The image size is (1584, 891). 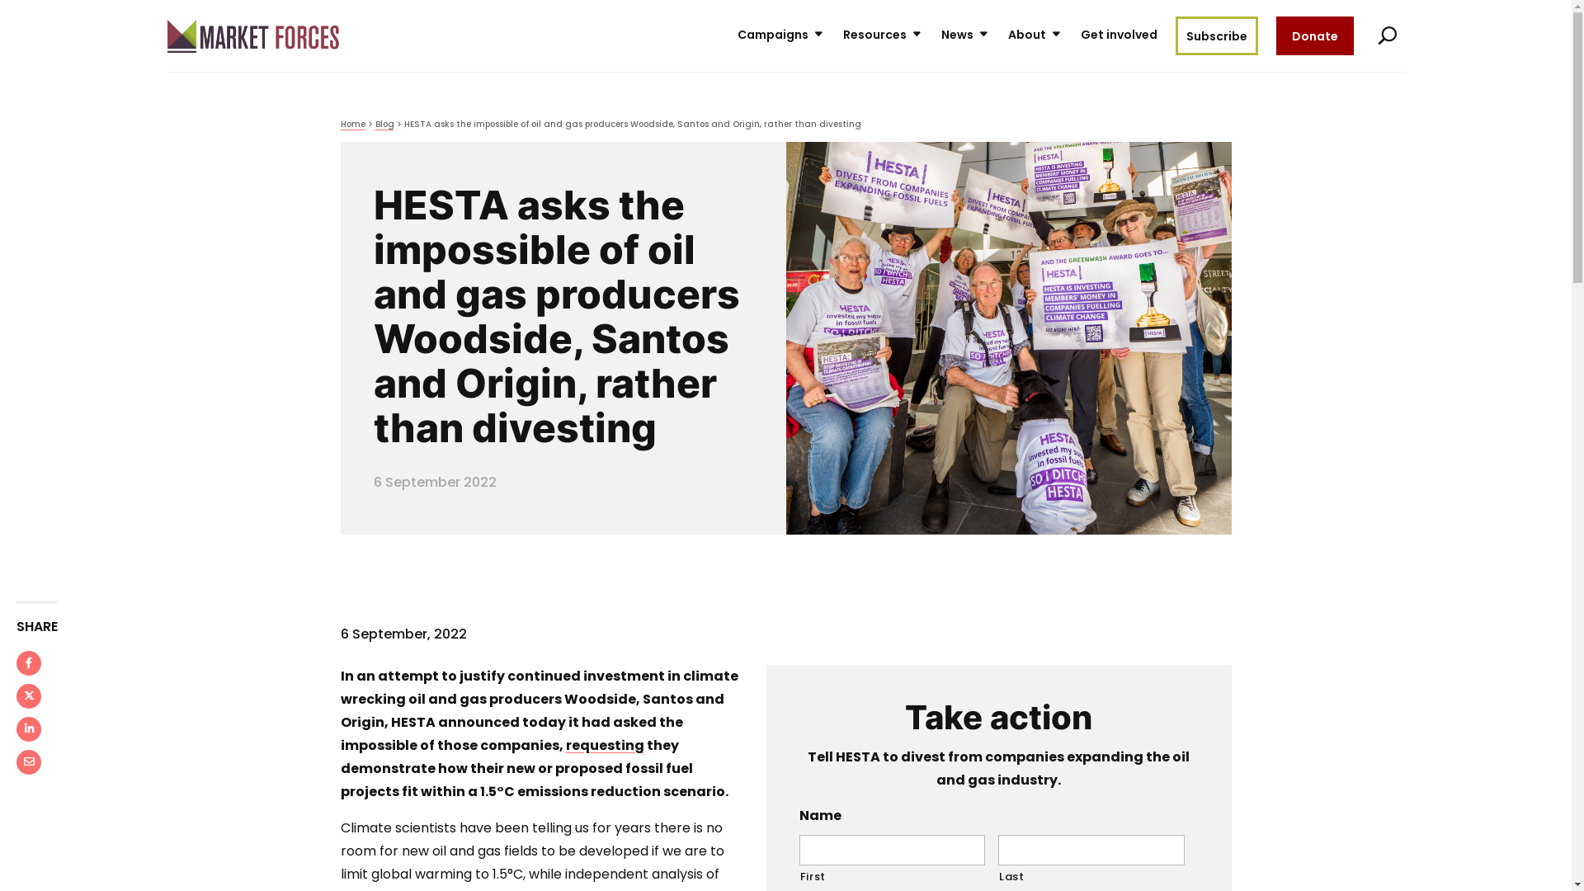 I want to click on 'Home', so click(x=351, y=123).